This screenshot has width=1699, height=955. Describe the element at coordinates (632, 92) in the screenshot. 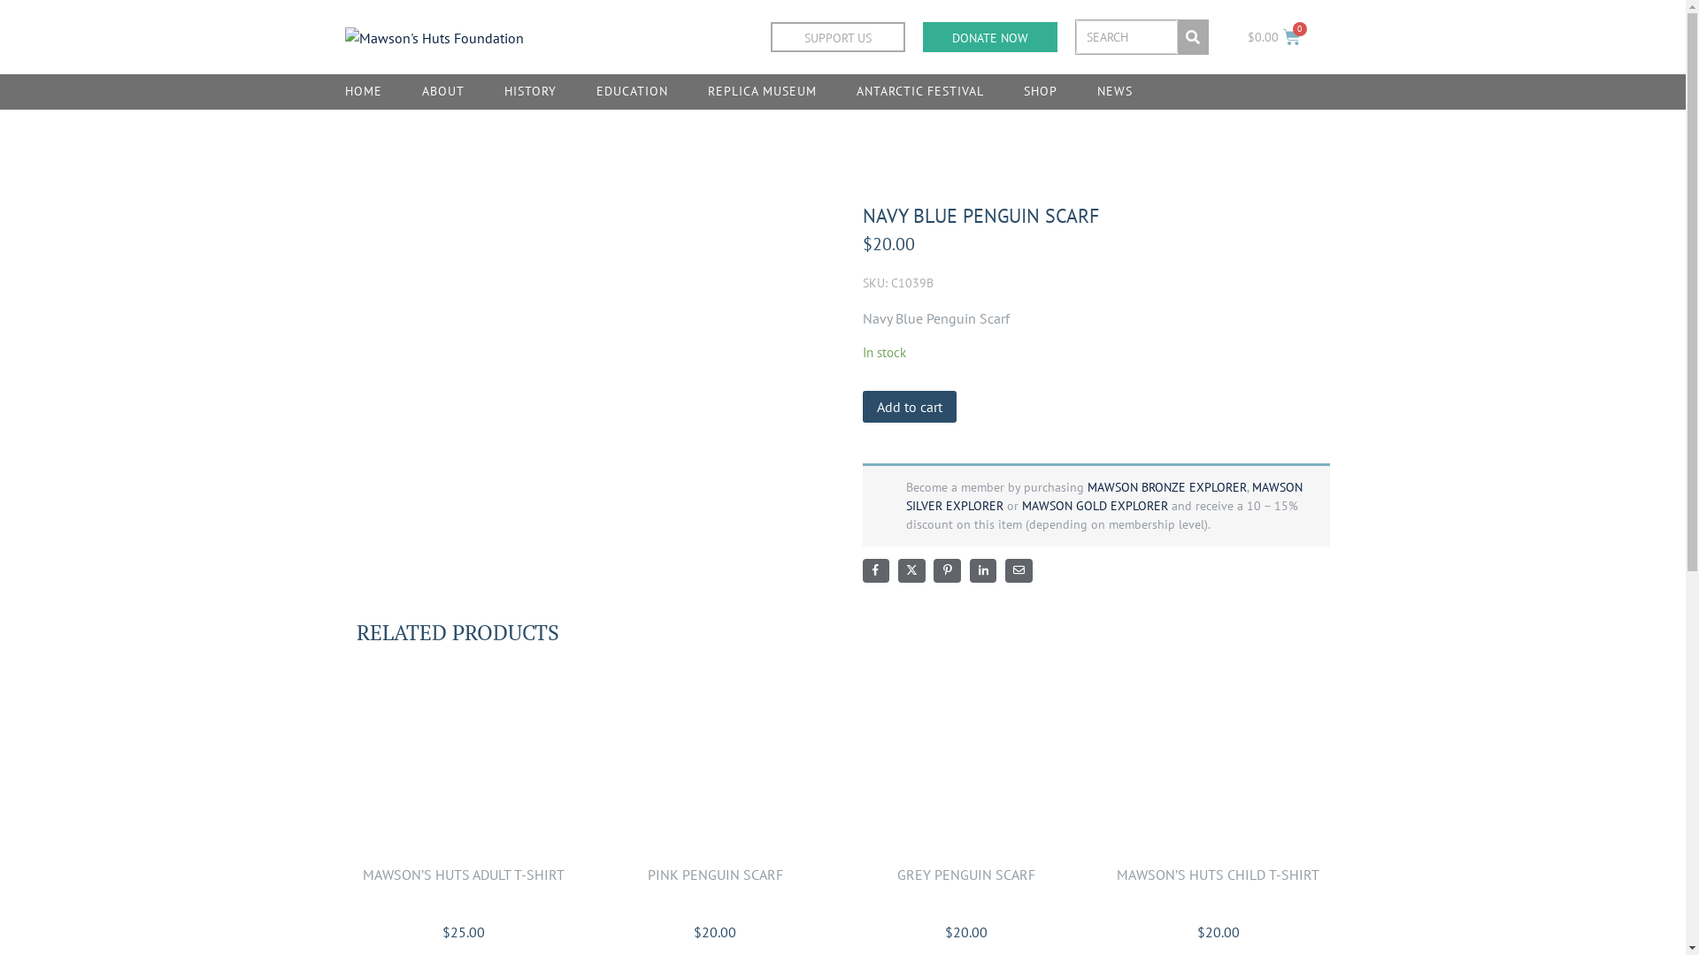

I see `'EDUCATION'` at that location.